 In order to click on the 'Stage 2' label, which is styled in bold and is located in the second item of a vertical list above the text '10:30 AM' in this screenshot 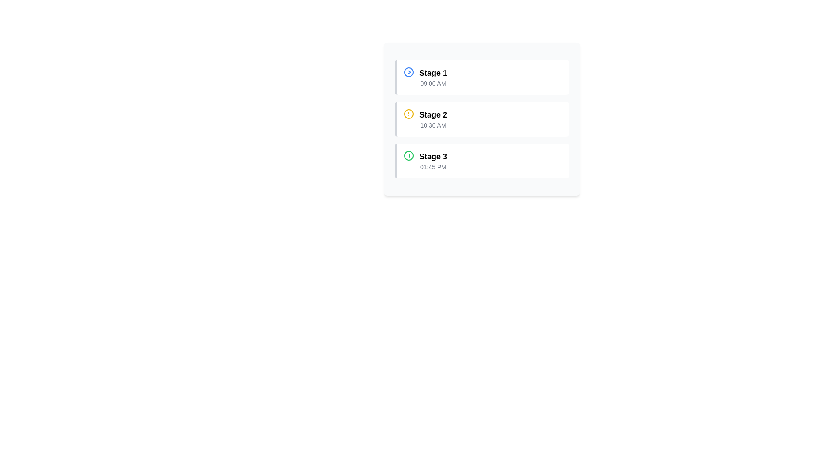, I will do `click(433, 114)`.